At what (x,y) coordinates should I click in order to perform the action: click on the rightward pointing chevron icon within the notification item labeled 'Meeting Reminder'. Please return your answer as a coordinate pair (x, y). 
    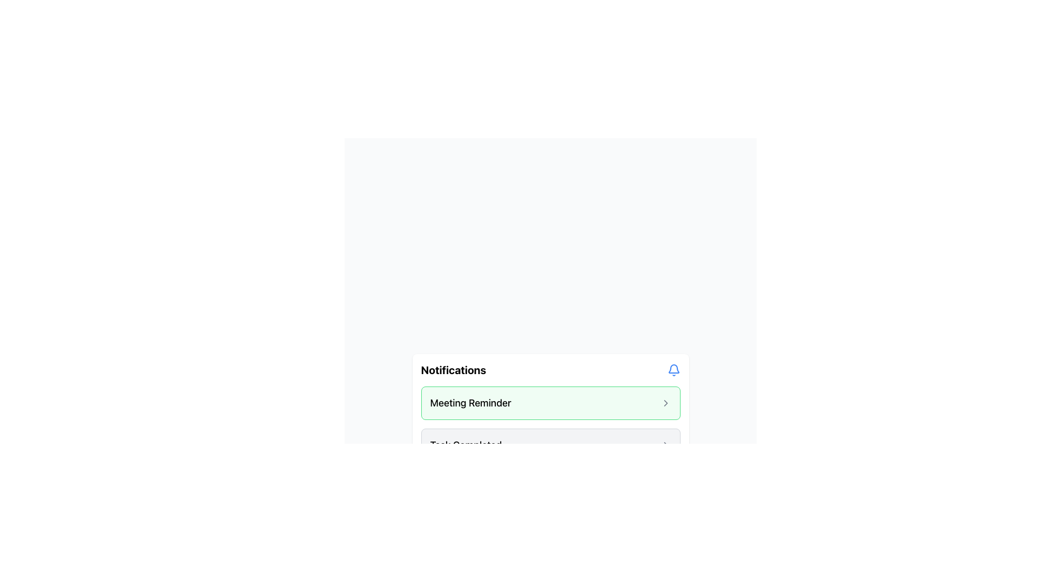
    Looking at the image, I should click on (665, 403).